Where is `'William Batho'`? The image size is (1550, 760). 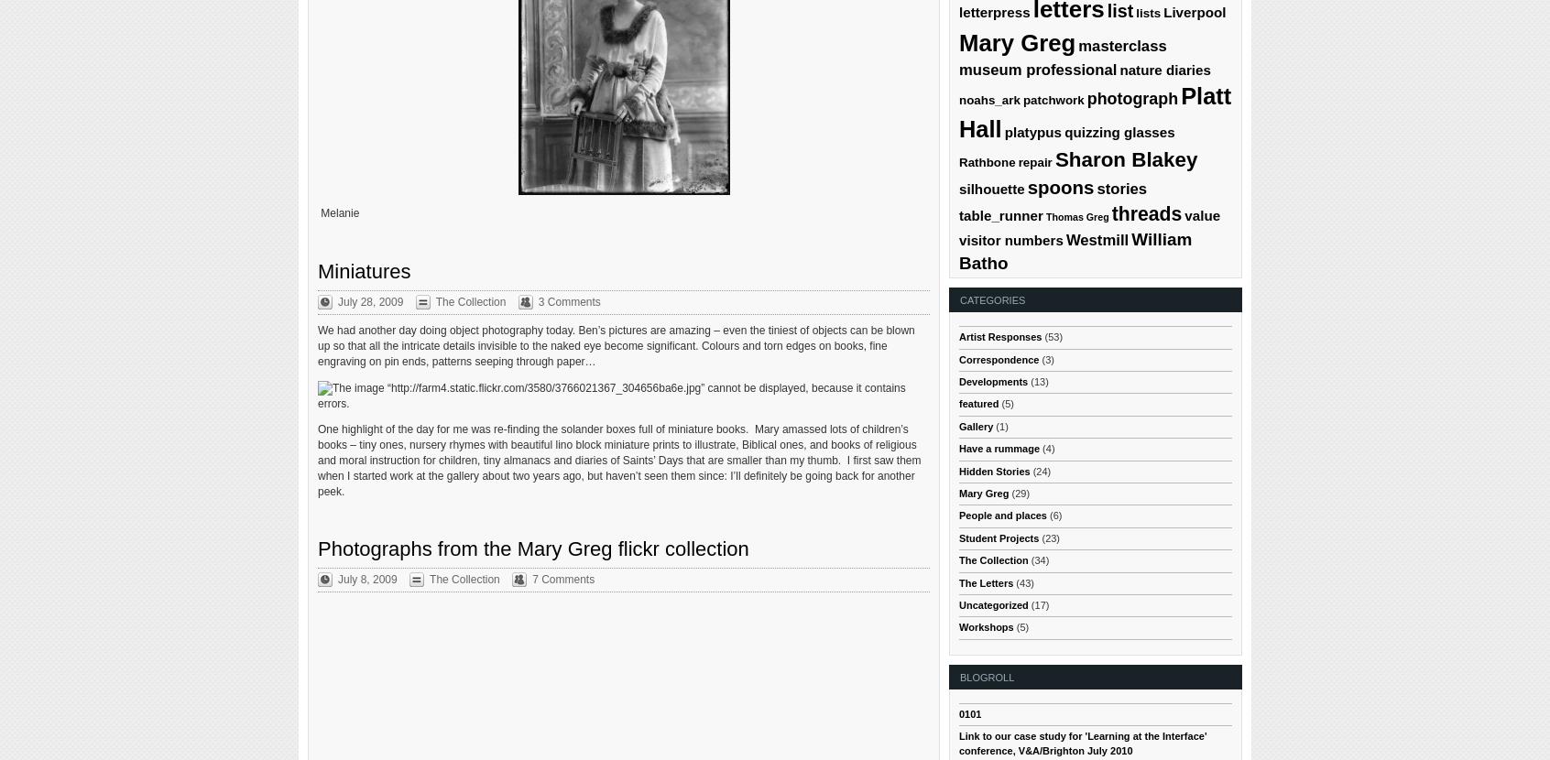
'William Batho' is located at coordinates (1075, 250).